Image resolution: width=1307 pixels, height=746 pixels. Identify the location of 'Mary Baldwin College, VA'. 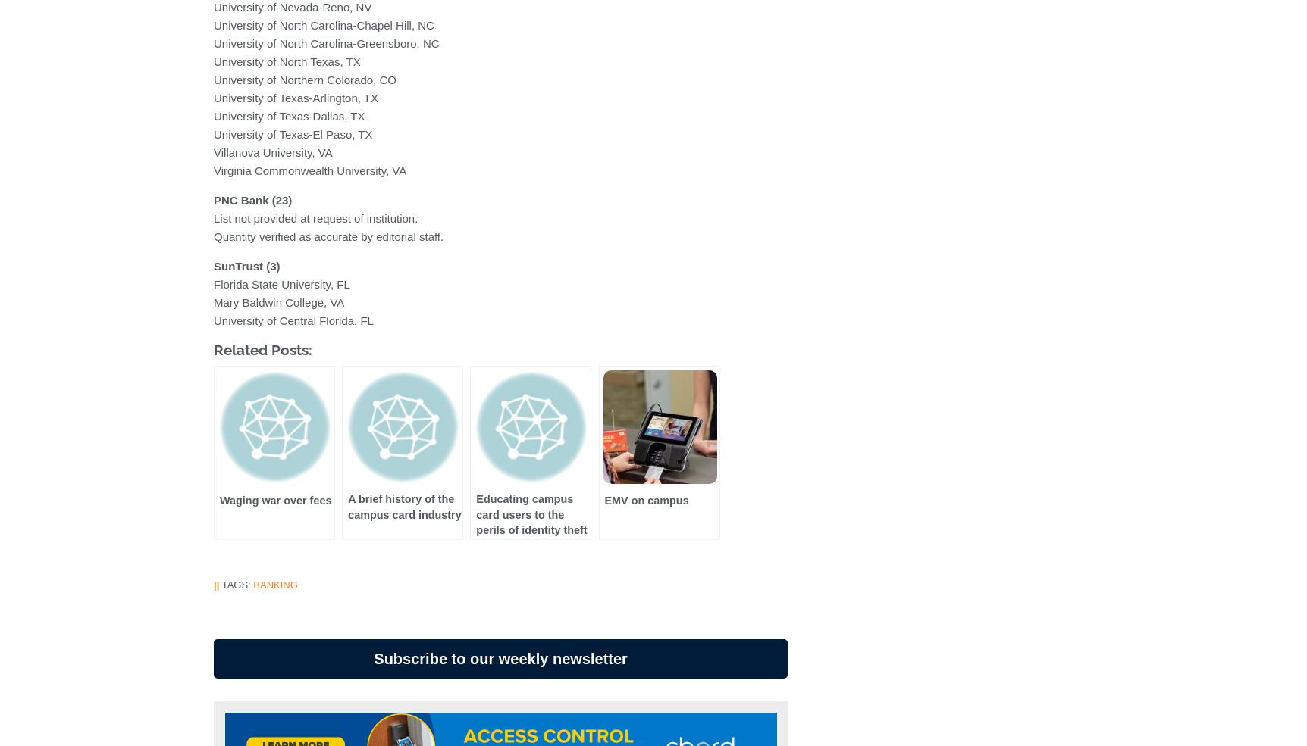
(278, 301).